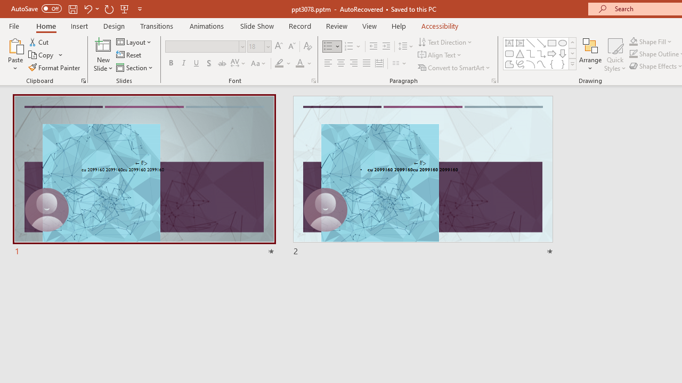  Describe the element at coordinates (650, 41) in the screenshot. I see `'Shape Fill'` at that location.